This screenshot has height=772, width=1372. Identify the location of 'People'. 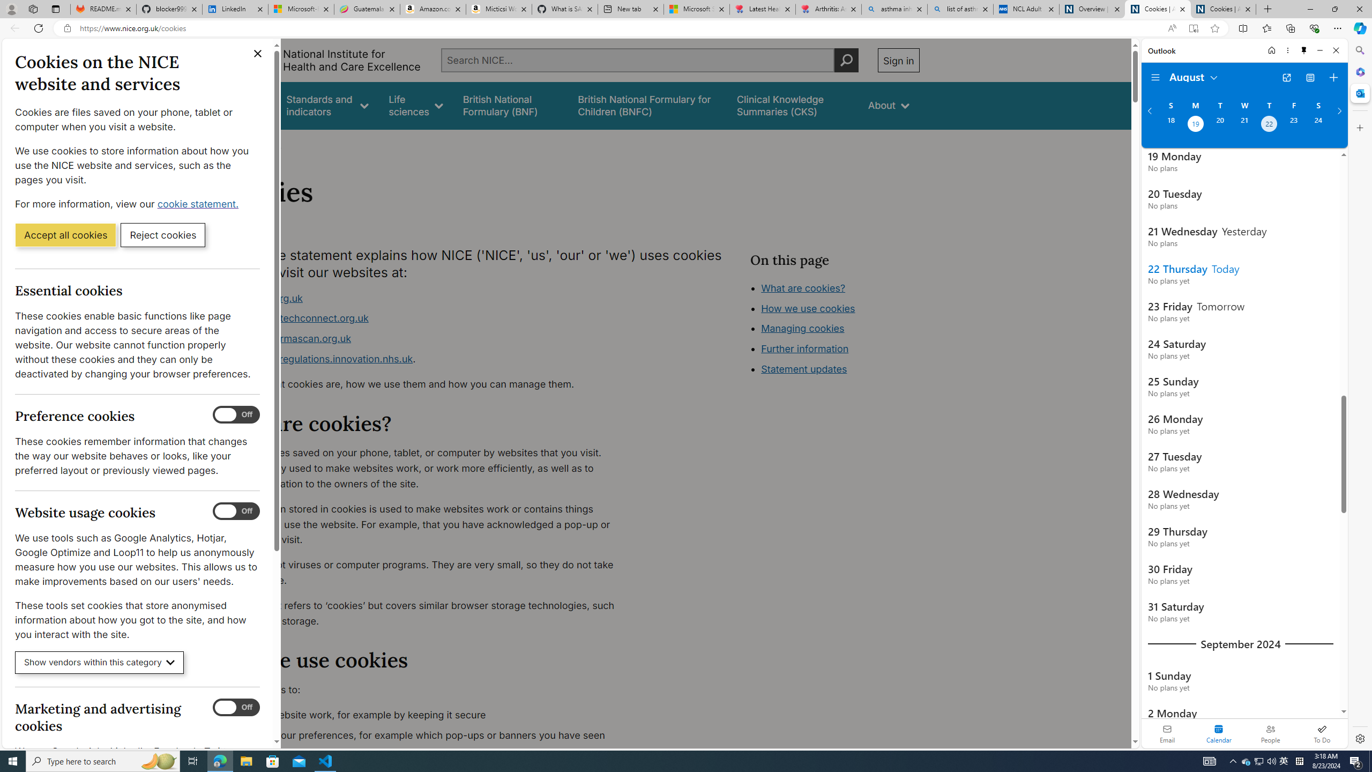
(1270, 733).